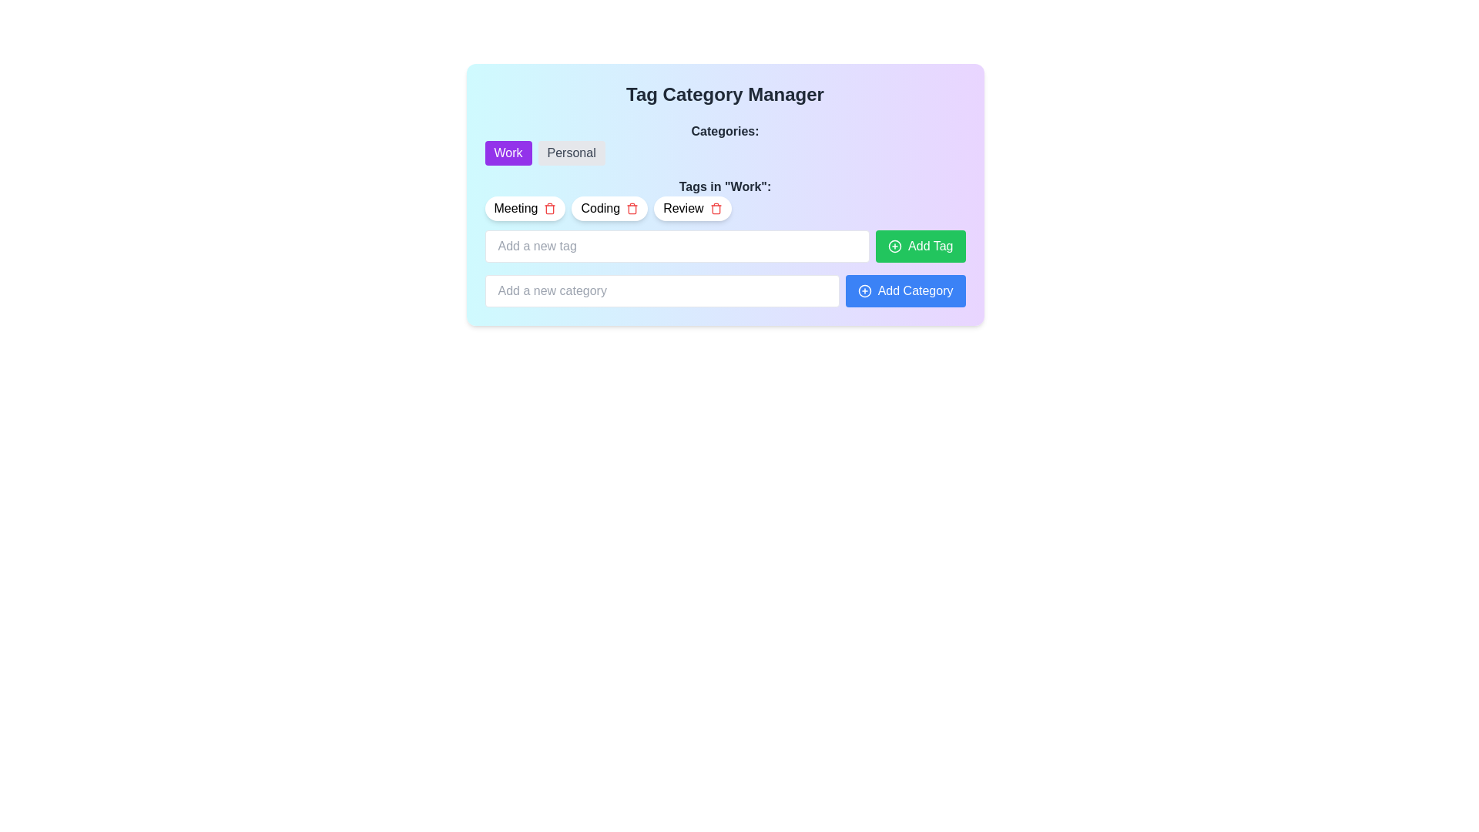 The width and height of the screenshot is (1479, 832). Describe the element at coordinates (894, 246) in the screenshot. I see `the icon located at the center of the 'Add Tag' button, which is a green rectangular button positioned to the right of the 'Add a new tag' input field in the 'Tag Category Manager' interface` at that location.